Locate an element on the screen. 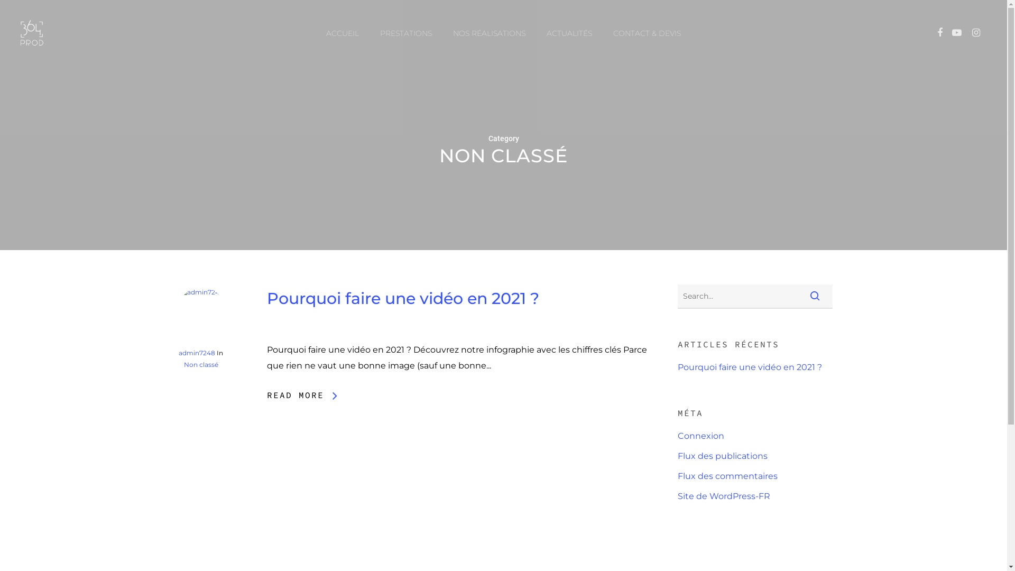  'PRESTATIONS' is located at coordinates (405, 32).